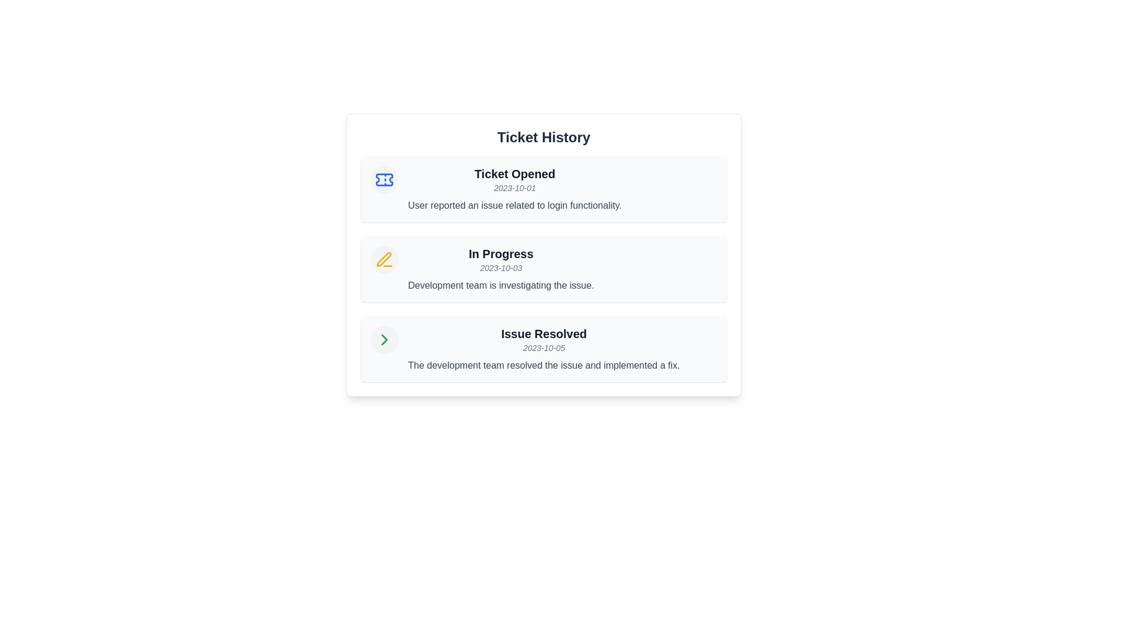  What do you see at coordinates (515, 188) in the screenshot?
I see `text content of the first entry in the 'Ticket History' list, which displays the ticket's details including its title, creation date, and a brief description of the issue` at bounding box center [515, 188].